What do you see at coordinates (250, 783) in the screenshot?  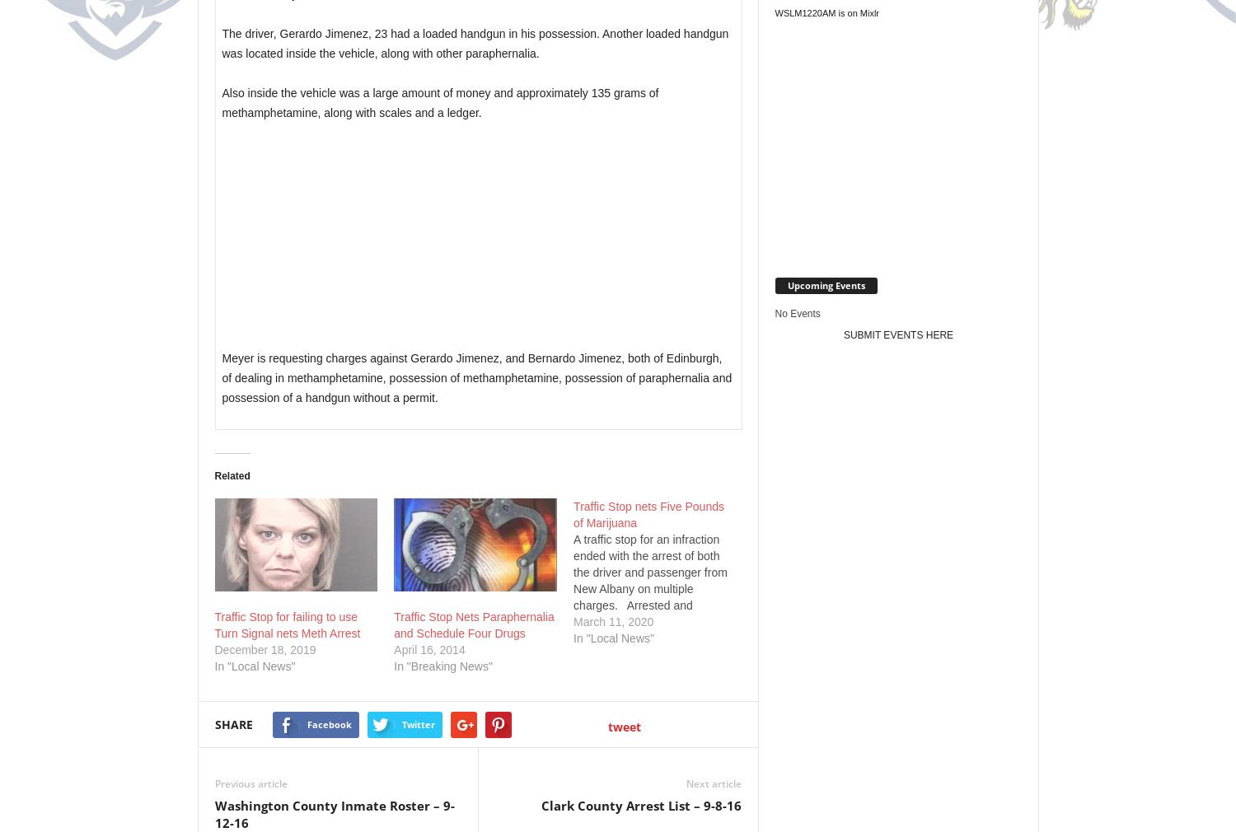 I see `'Previous article'` at bounding box center [250, 783].